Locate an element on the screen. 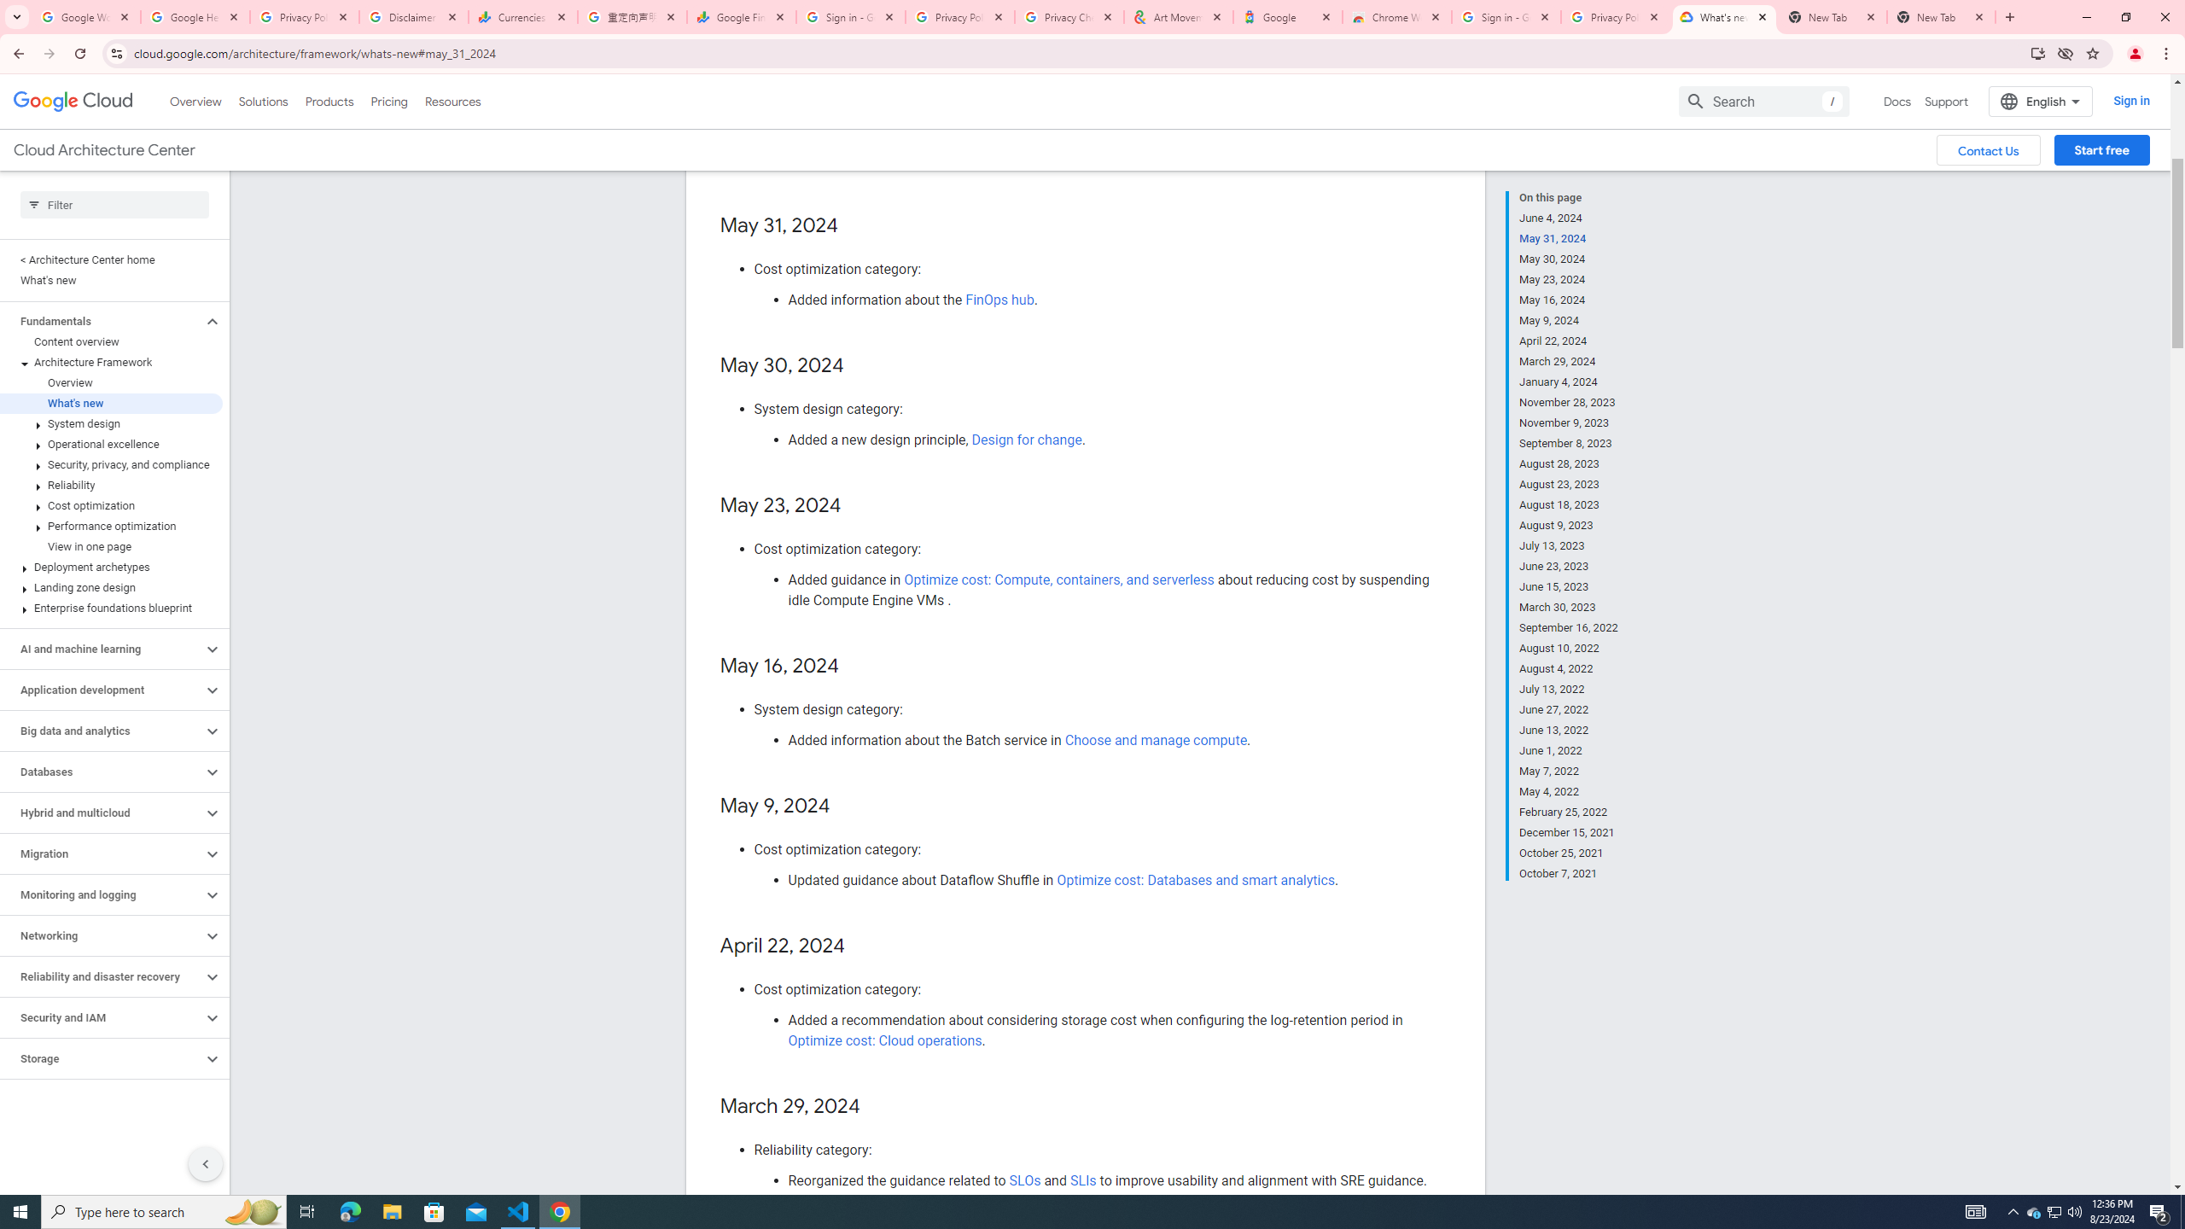  'Copy link to this section: March 29, 2024' is located at coordinates (876, 1107).